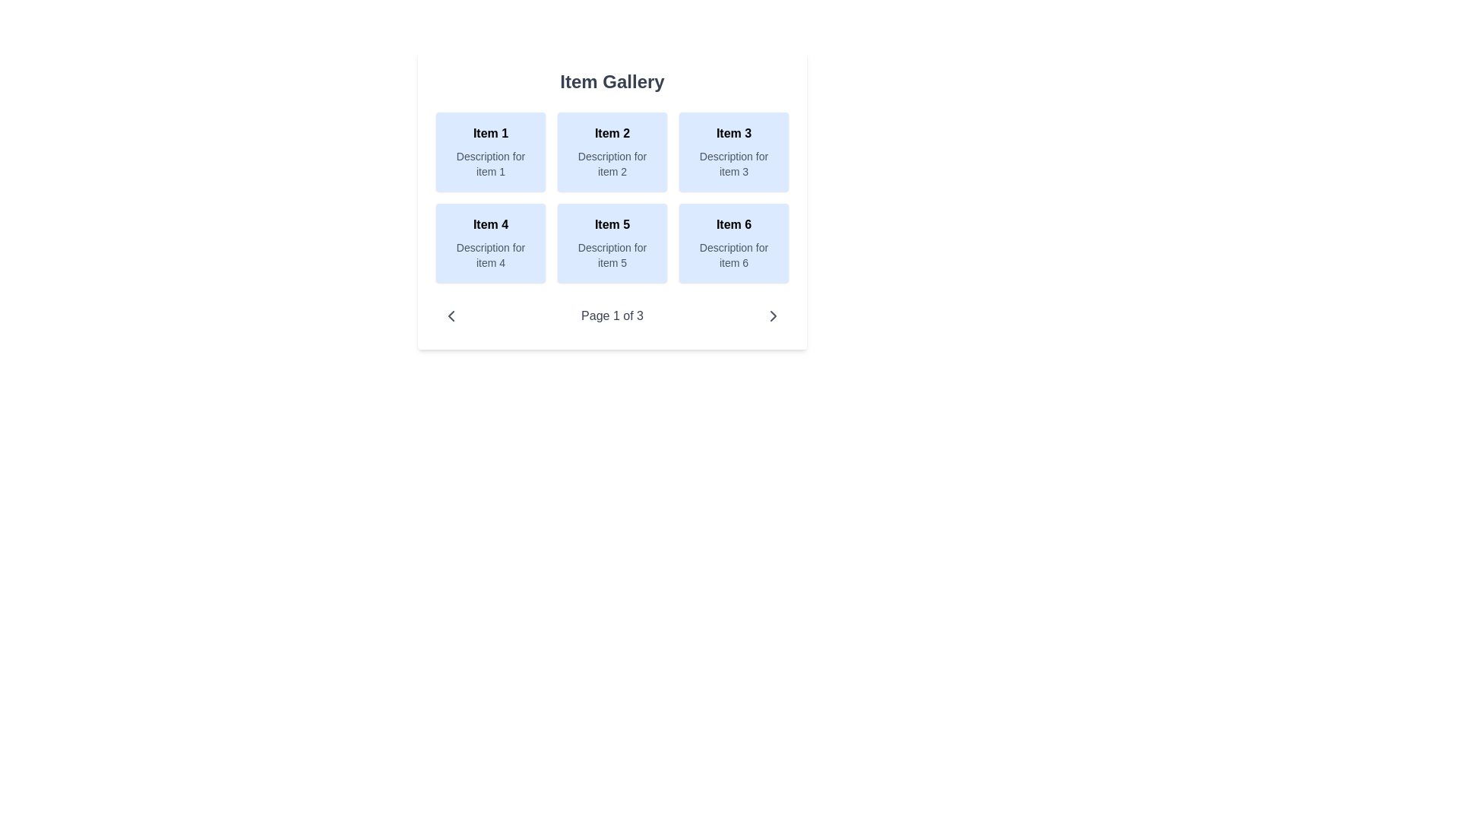 The height and width of the screenshot is (821, 1459). Describe the element at coordinates (733, 152) in the screenshot. I see `text from the informational card displaying 'Item 3' located at the top-right corner of the grid layout` at that location.